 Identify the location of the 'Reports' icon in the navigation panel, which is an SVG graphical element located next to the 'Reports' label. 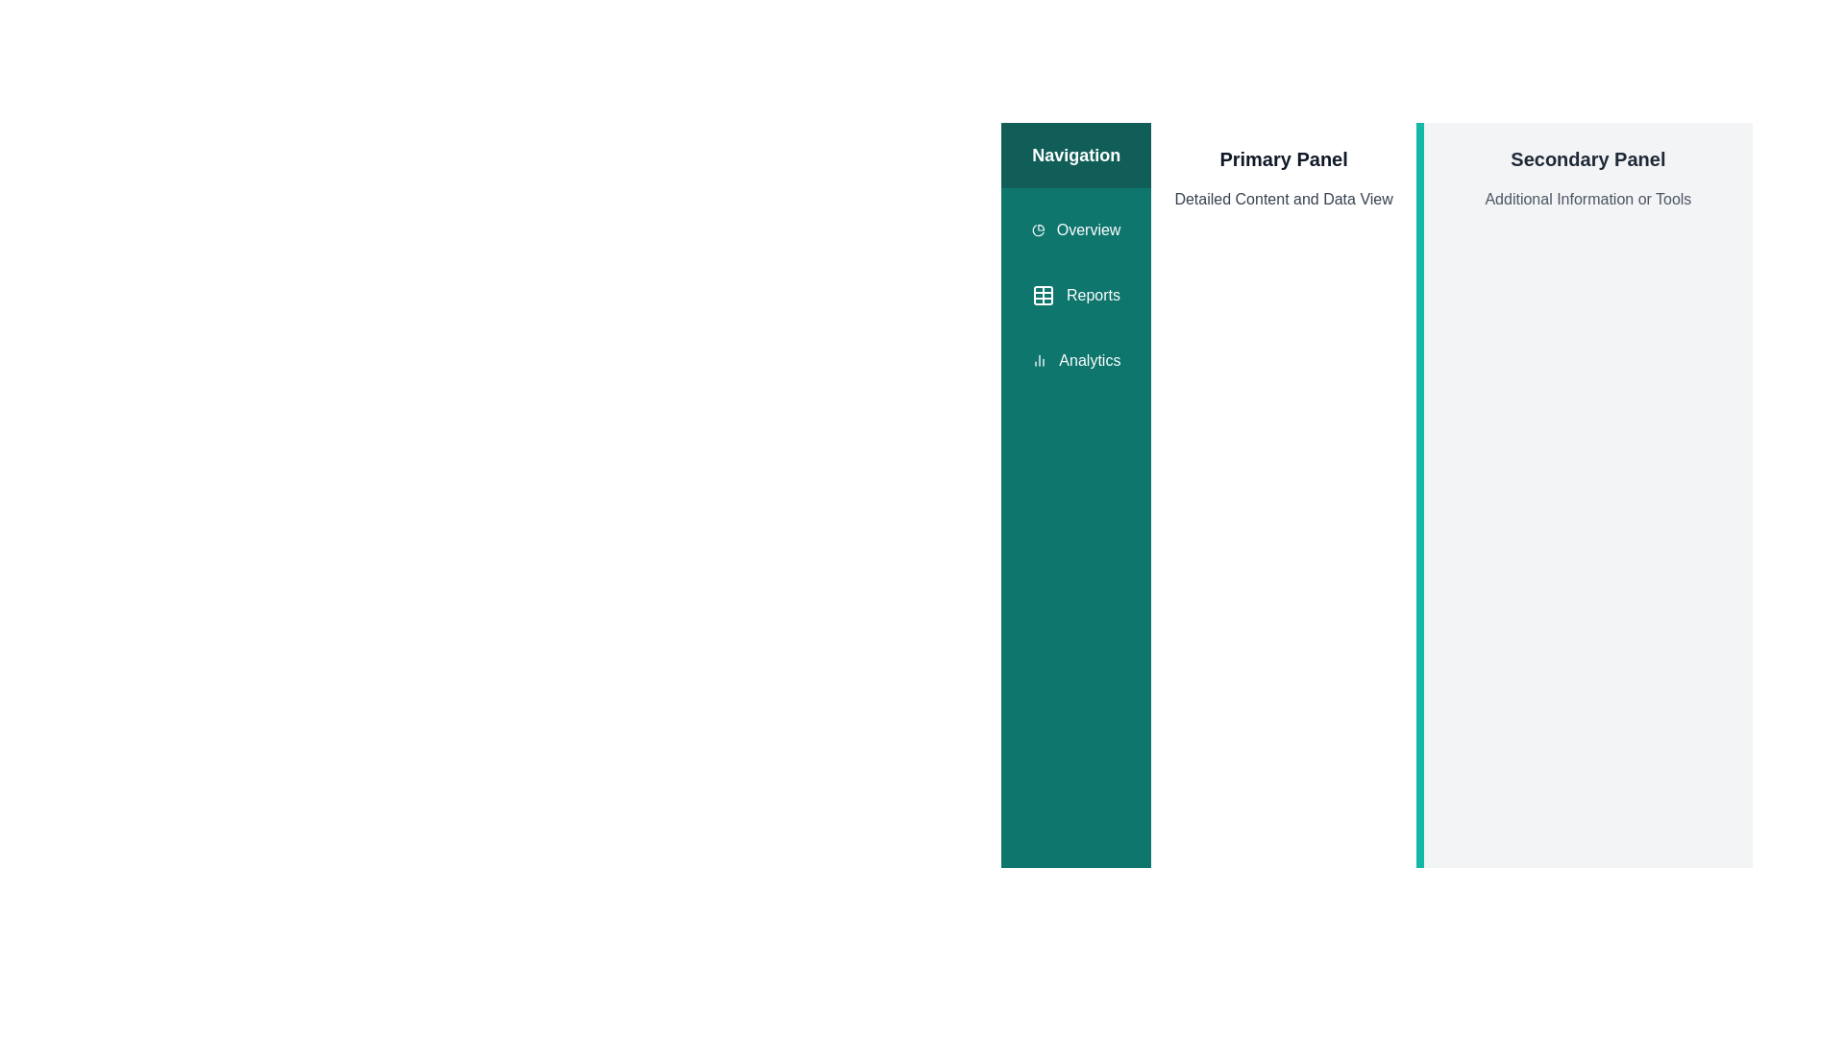
(1042, 296).